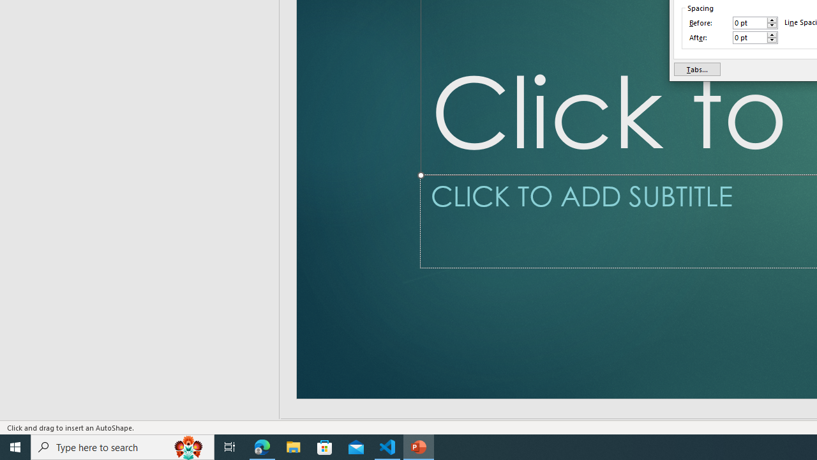 The width and height of the screenshot is (817, 460). What do you see at coordinates (696, 69) in the screenshot?
I see `'Tabs...'` at bounding box center [696, 69].